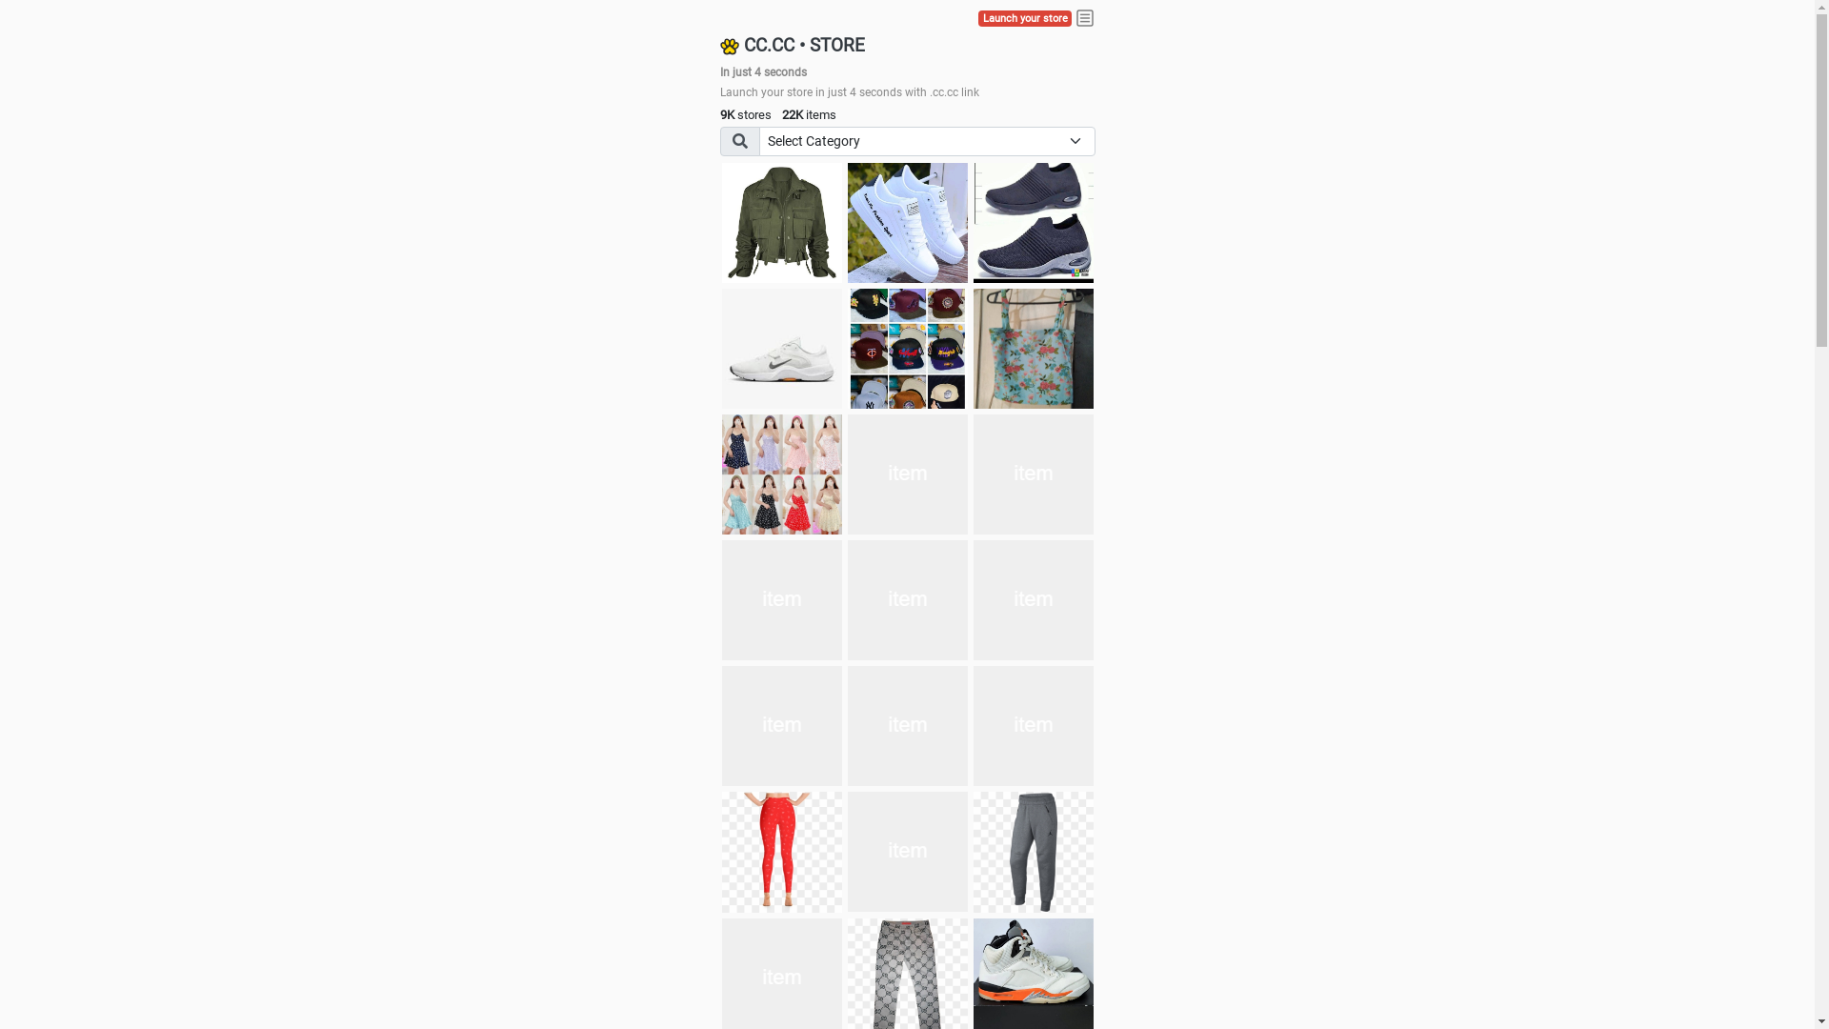 The width and height of the screenshot is (1829, 1029). Describe the element at coordinates (978, 18) in the screenshot. I see `'Launch your store'` at that location.